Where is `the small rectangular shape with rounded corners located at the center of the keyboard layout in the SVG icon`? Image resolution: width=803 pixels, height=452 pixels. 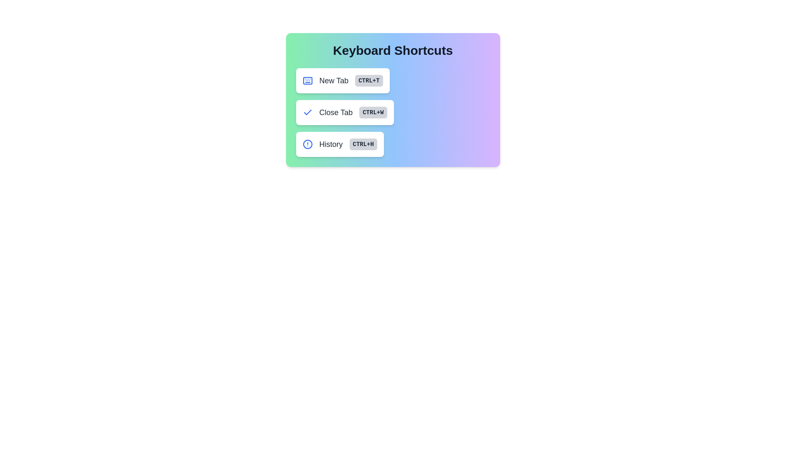 the small rectangular shape with rounded corners located at the center of the keyboard layout in the SVG icon is located at coordinates (307, 80).